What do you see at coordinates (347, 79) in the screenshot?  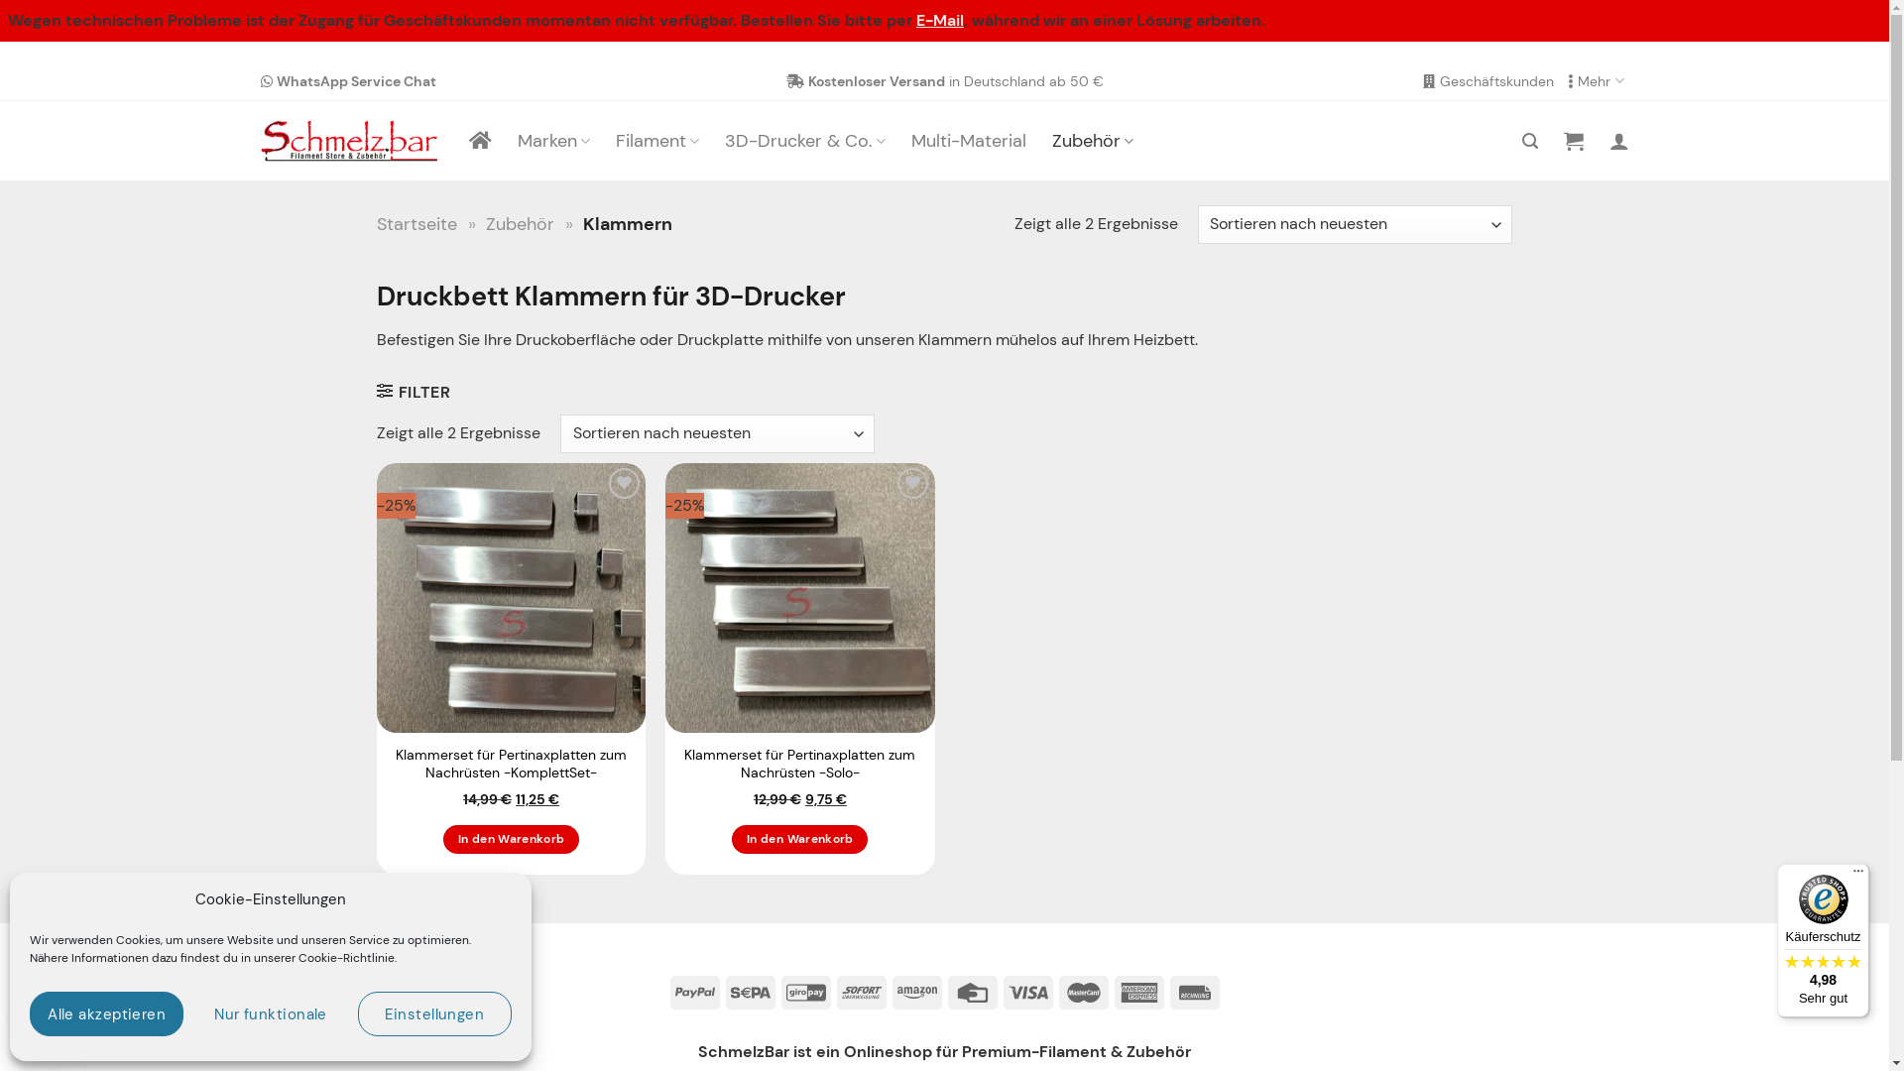 I see `' WhatsApp Service Chat'` at bounding box center [347, 79].